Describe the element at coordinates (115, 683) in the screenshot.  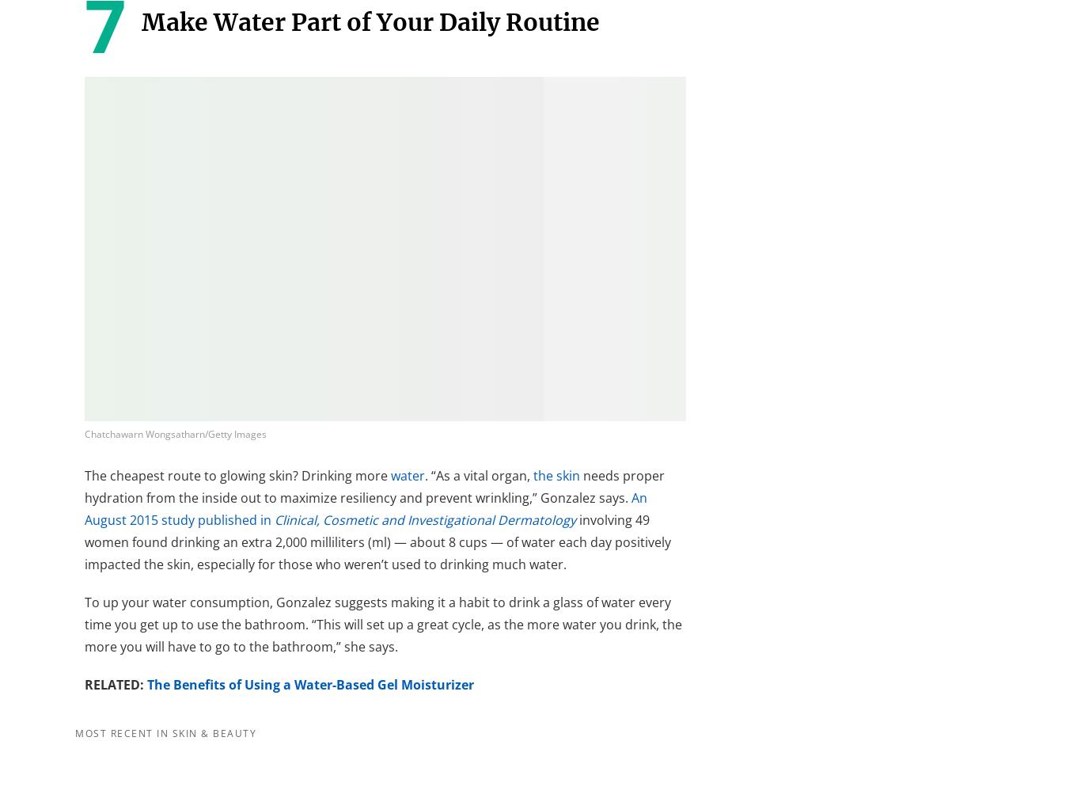
I see `'RELATED:'` at that location.